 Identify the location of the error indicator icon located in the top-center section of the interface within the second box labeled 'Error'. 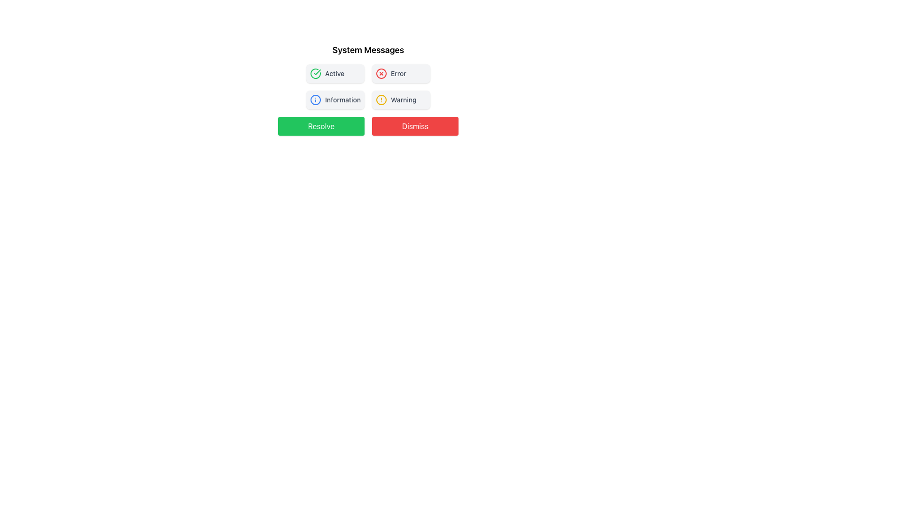
(381, 73).